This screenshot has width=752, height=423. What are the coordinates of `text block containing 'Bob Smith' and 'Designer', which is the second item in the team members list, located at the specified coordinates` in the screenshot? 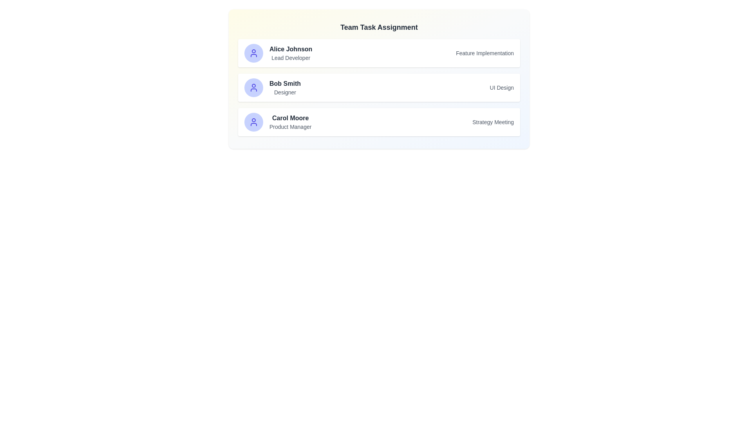 It's located at (285, 87).